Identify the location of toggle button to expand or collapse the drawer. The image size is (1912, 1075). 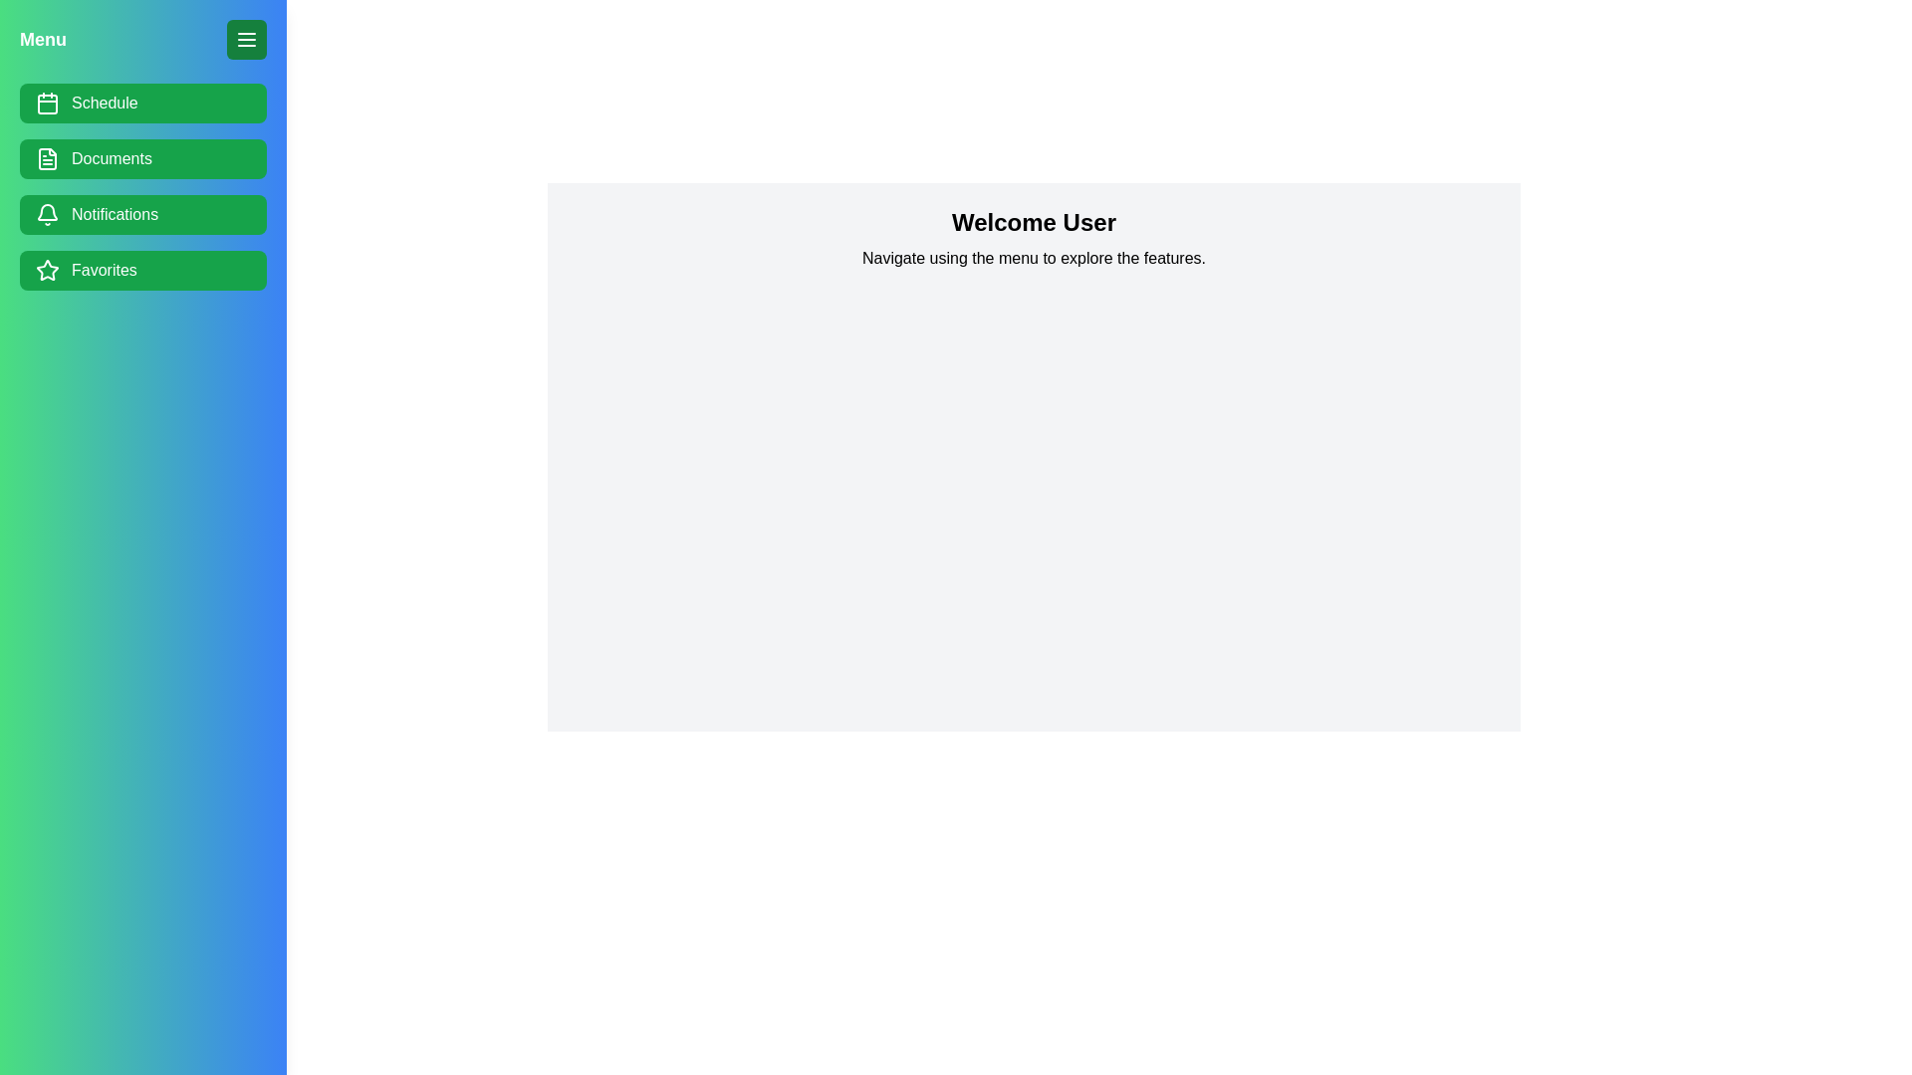
(246, 39).